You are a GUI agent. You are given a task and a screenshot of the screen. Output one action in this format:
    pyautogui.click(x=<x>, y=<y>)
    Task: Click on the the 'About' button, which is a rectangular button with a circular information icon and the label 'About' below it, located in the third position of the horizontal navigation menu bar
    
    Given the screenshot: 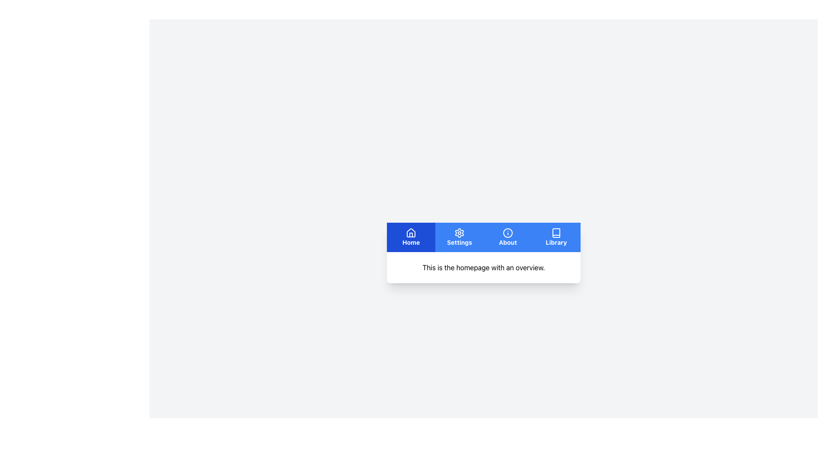 What is the action you would take?
    pyautogui.click(x=508, y=237)
    